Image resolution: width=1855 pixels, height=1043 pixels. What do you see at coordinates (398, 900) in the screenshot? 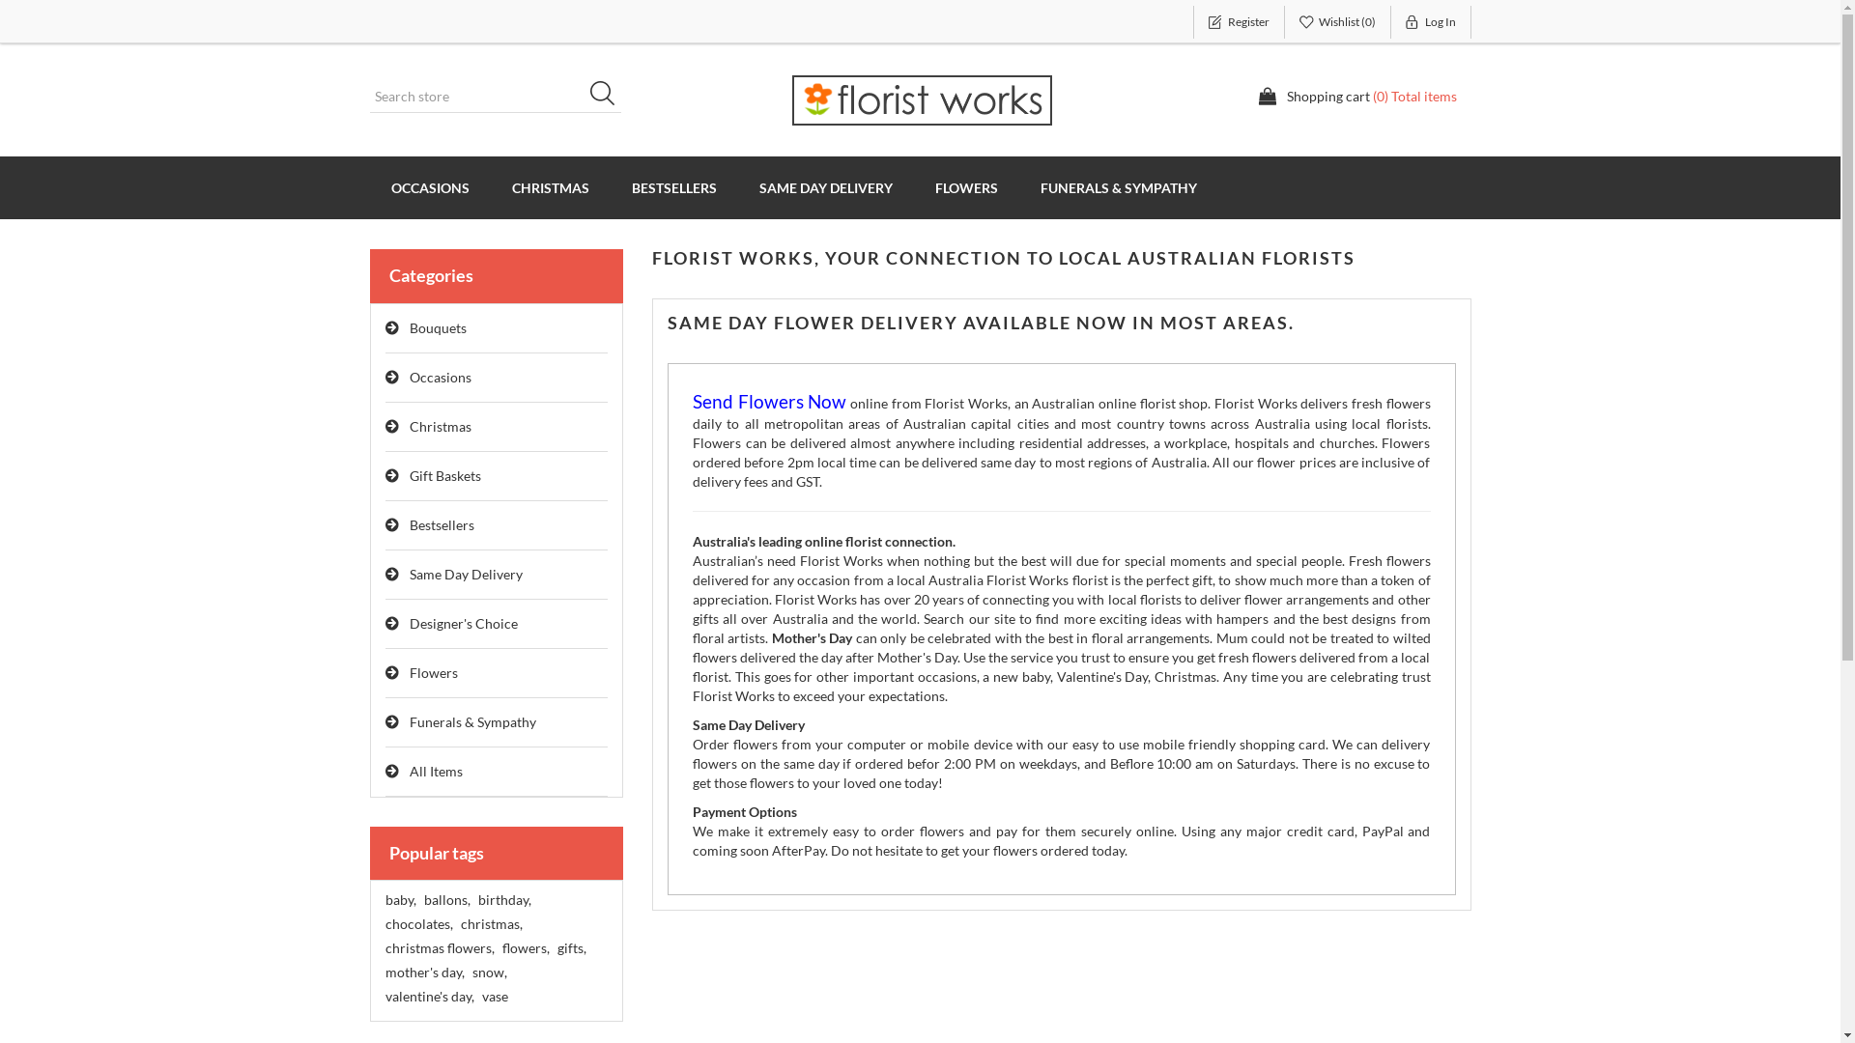
I see `'baby,'` at bounding box center [398, 900].